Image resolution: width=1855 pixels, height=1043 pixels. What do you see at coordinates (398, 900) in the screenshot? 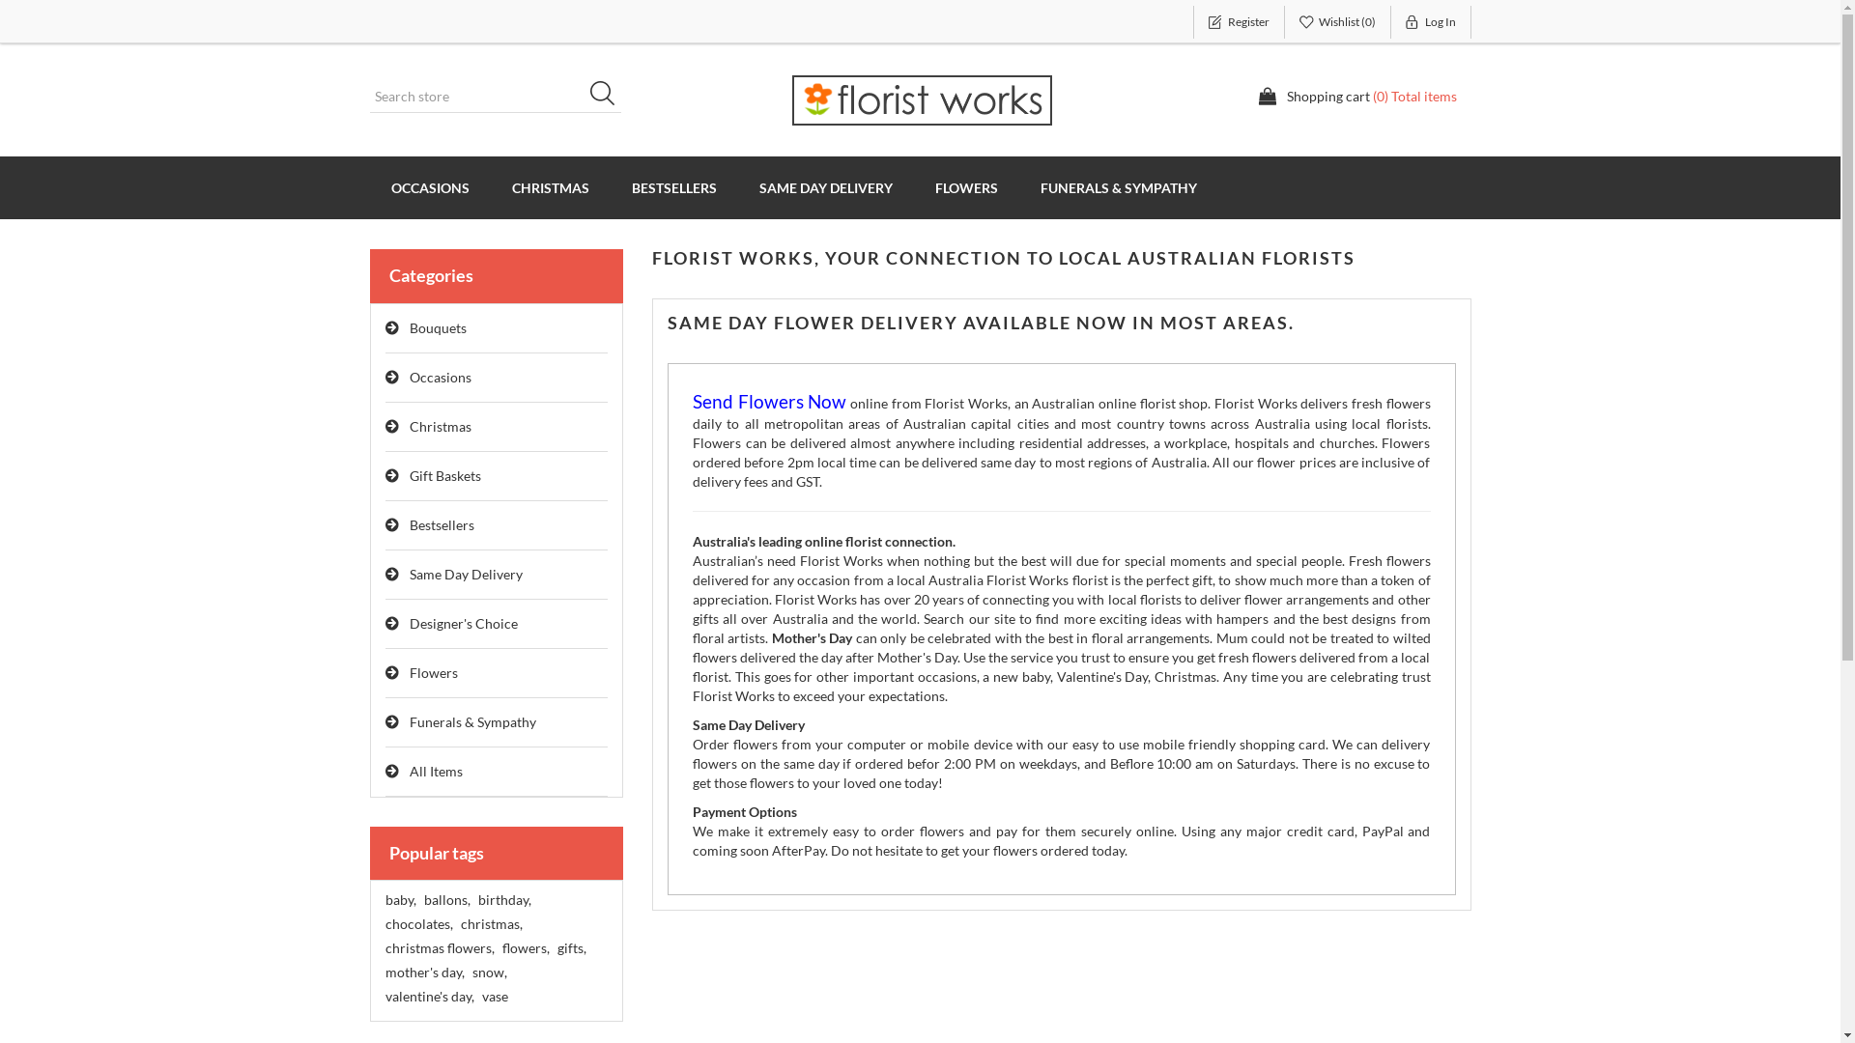
I see `'baby,'` at bounding box center [398, 900].